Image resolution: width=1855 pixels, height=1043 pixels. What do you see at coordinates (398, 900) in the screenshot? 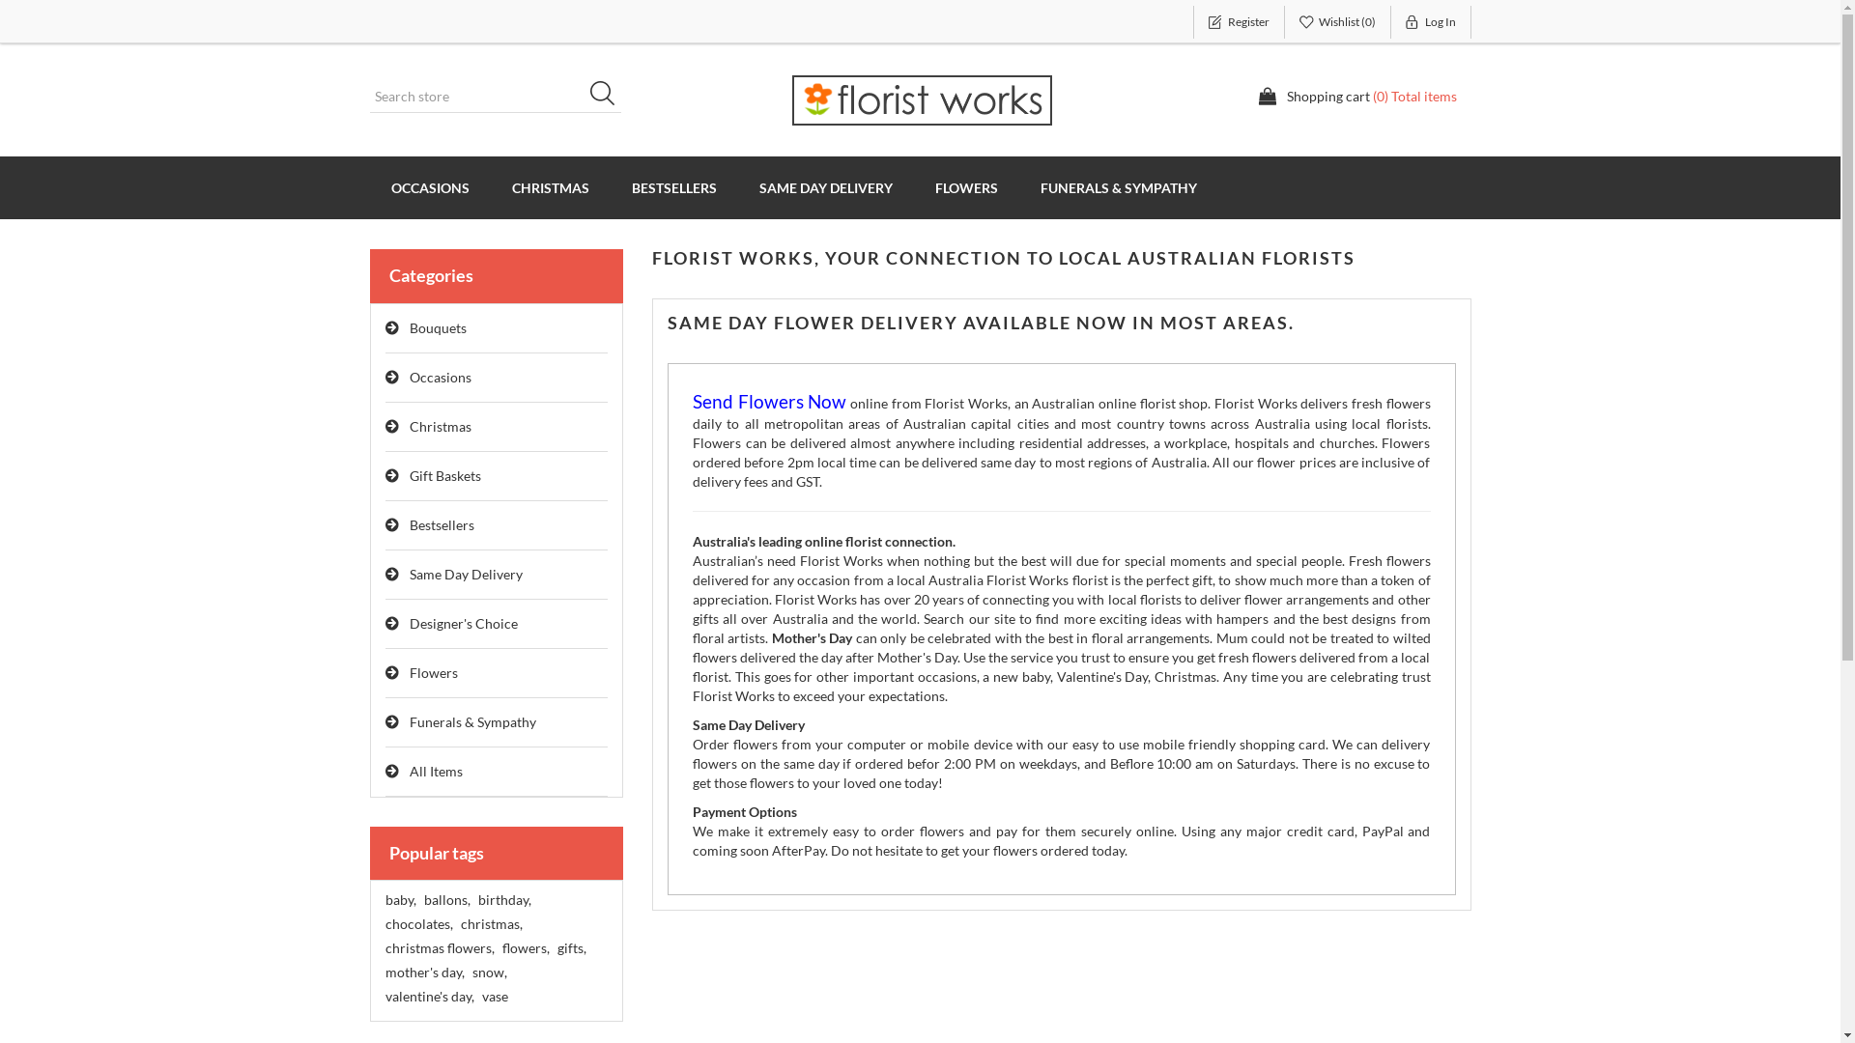
I see `'baby,'` at bounding box center [398, 900].